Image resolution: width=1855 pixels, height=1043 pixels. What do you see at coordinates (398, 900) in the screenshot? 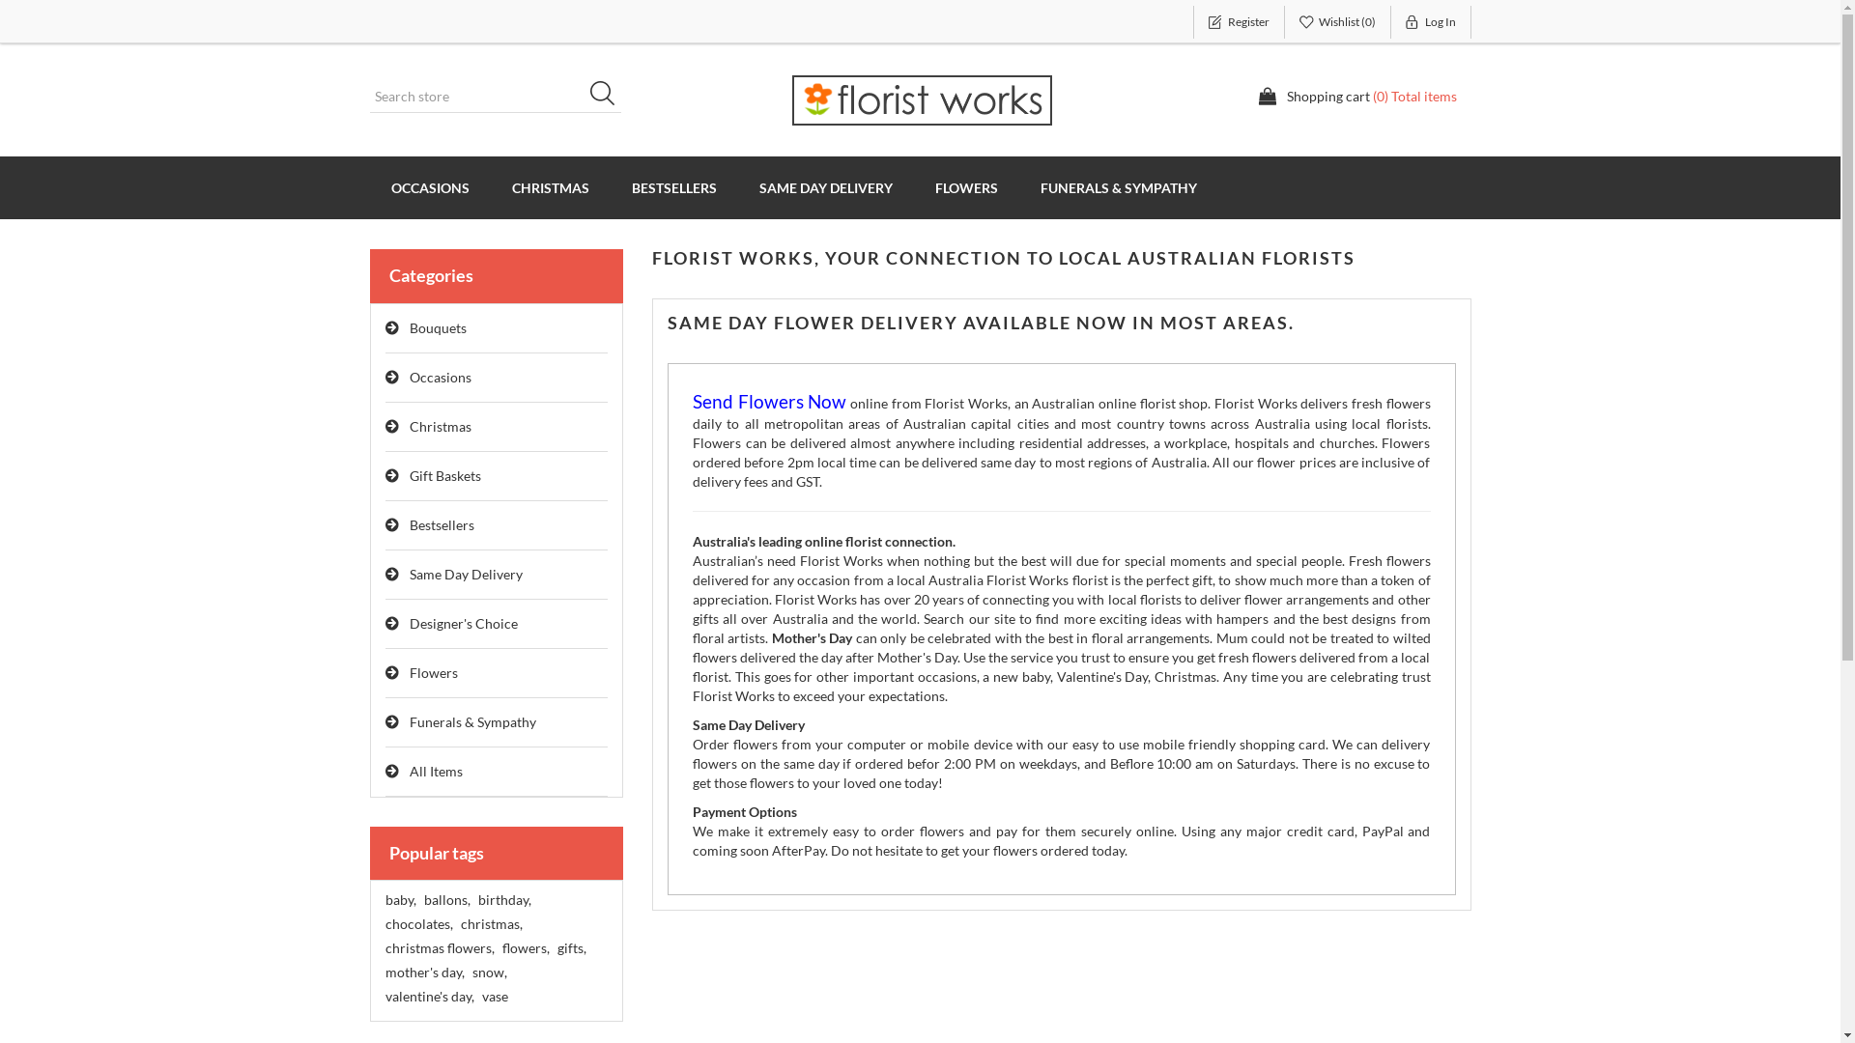
I see `'baby,'` at bounding box center [398, 900].